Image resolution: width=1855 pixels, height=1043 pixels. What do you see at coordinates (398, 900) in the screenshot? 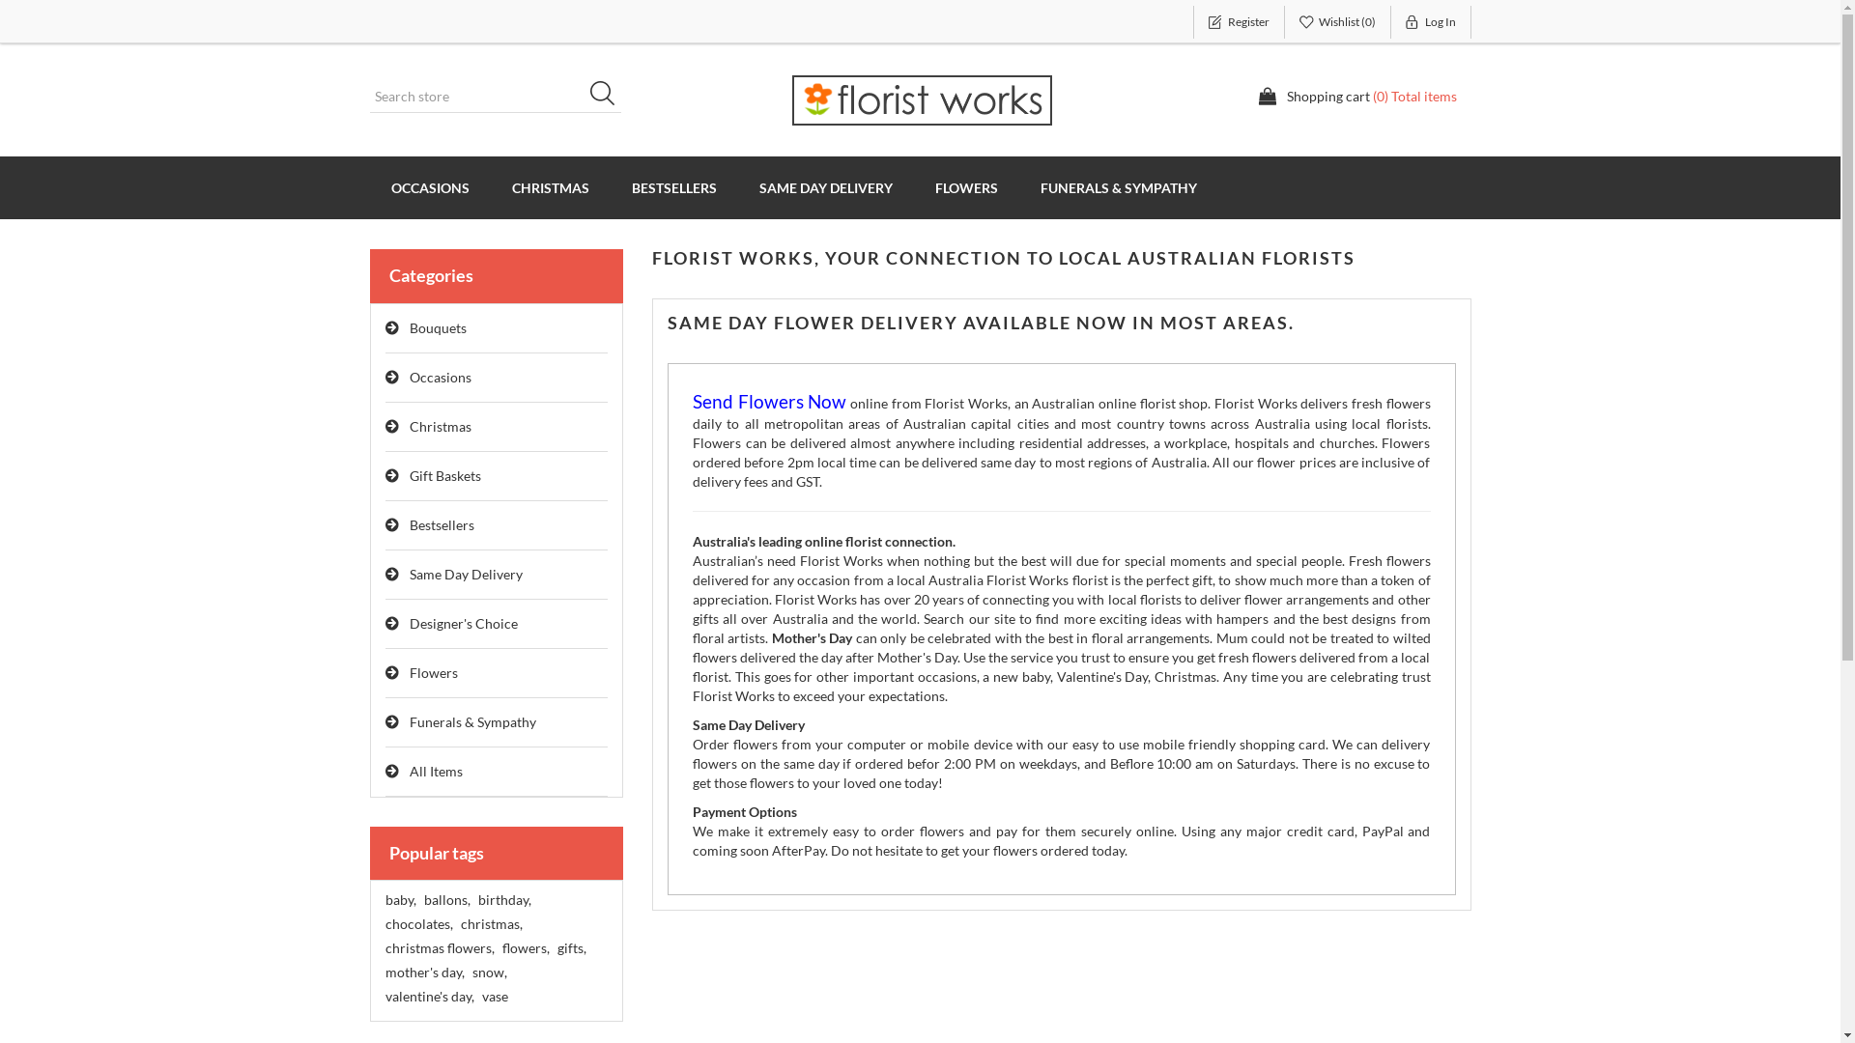
I see `'baby,'` at bounding box center [398, 900].